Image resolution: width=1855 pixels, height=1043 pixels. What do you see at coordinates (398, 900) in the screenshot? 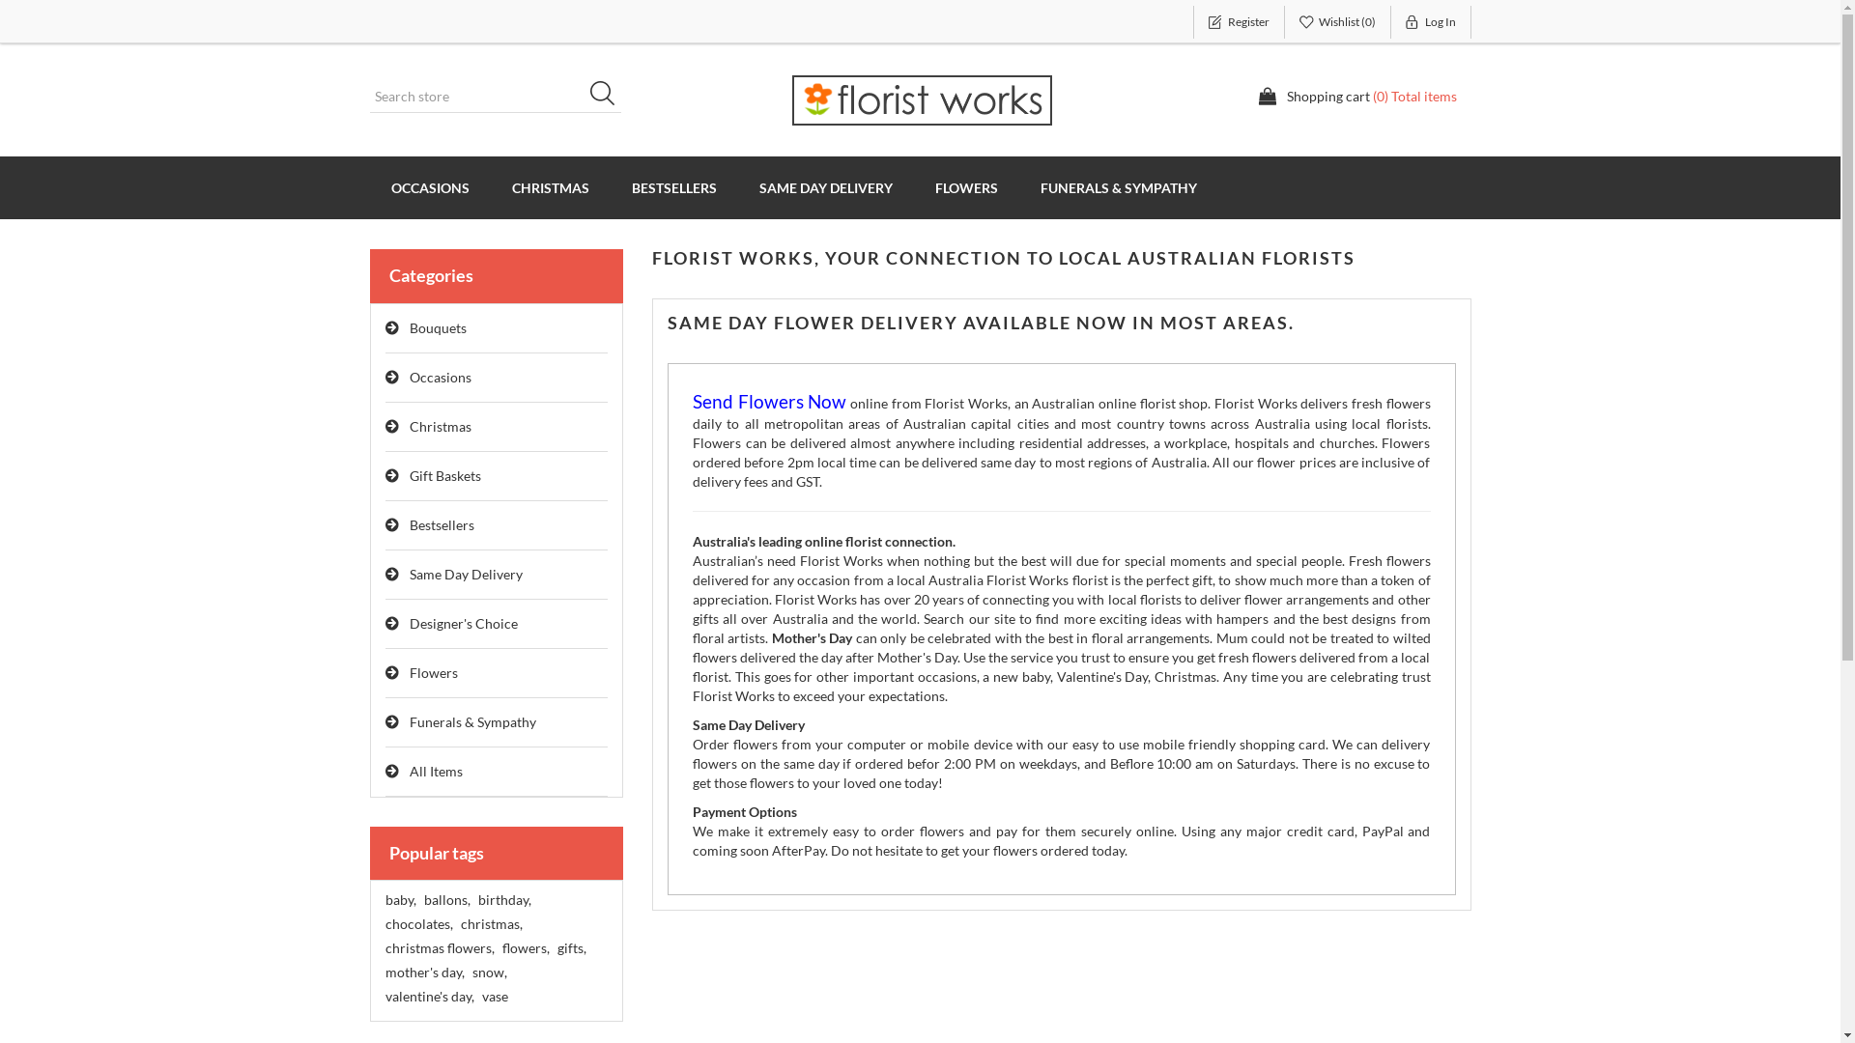
I see `'baby,'` at bounding box center [398, 900].